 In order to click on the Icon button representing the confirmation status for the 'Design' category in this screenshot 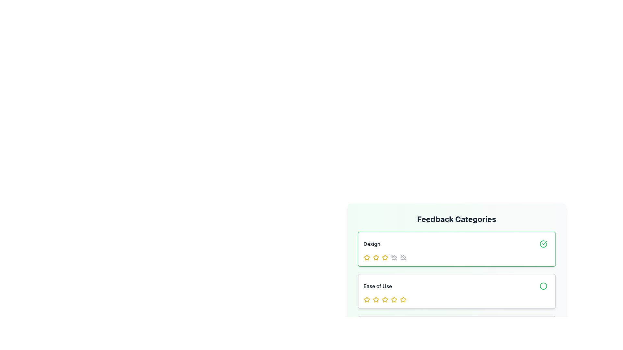, I will do `click(543, 244)`.